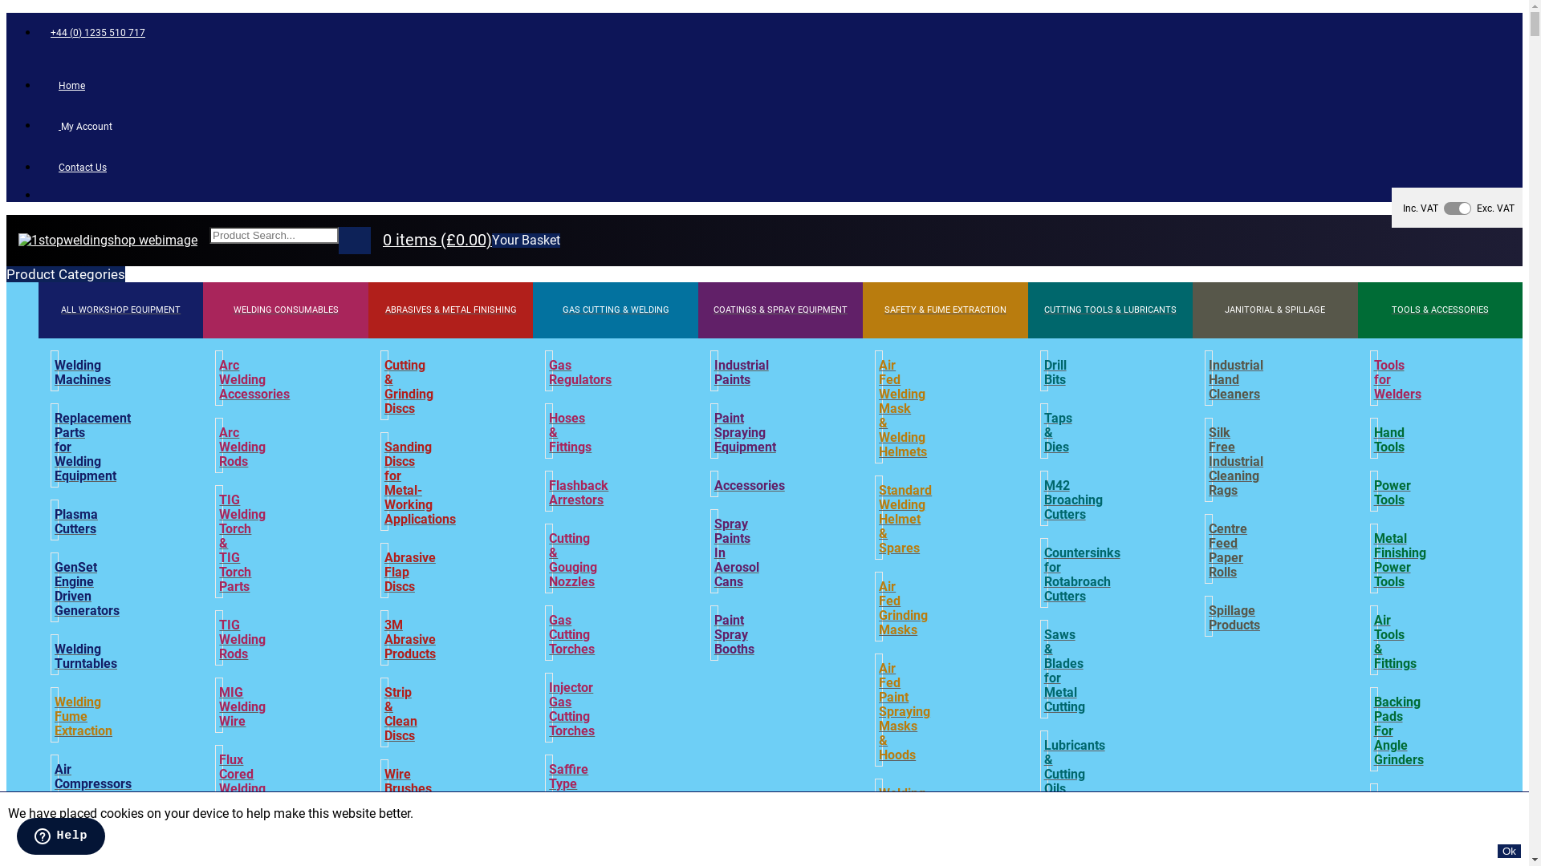  Describe the element at coordinates (734, 633) in the screenshot. I see `'Paint Spray Booths'` at that location.